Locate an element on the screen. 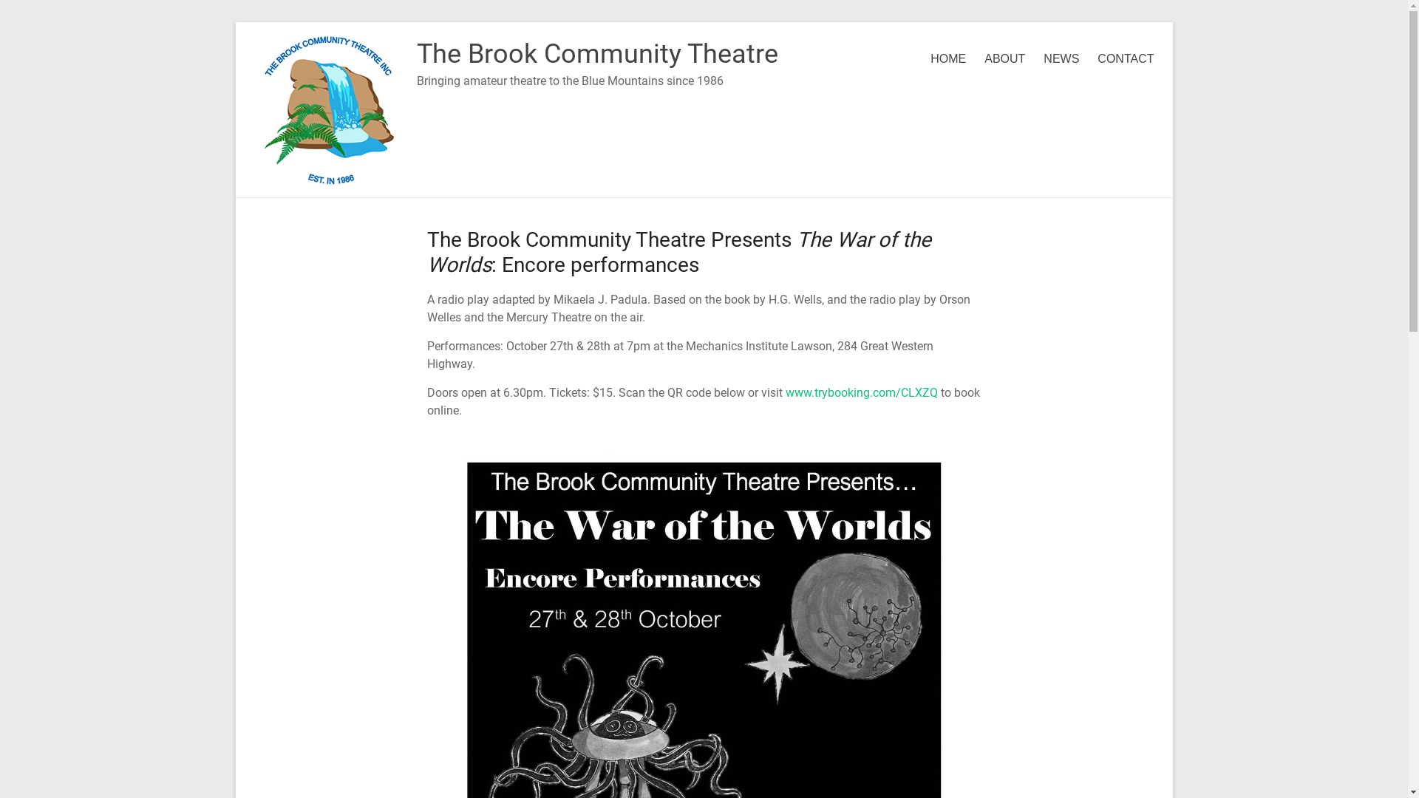 The width and height of the screenshot is (1419, 798). 'www.trybooking.com/CLXZQ' is located at coordinates (783, 392).